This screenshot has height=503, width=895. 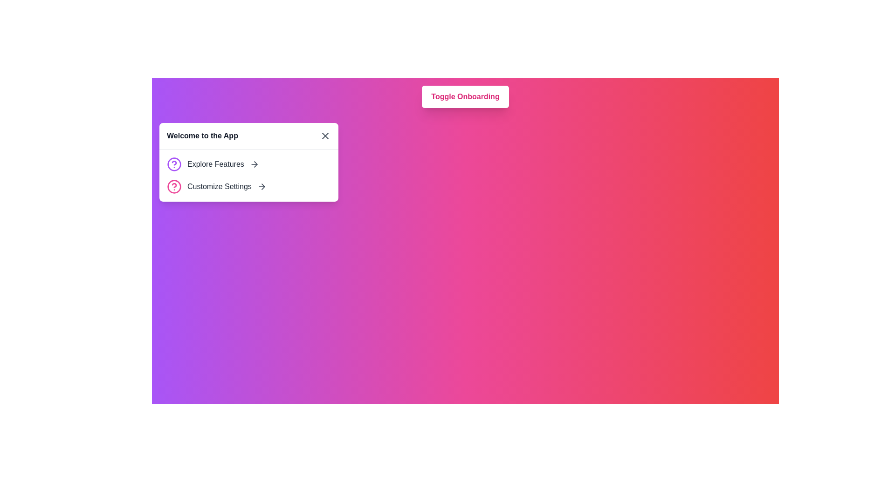 What do you see at coordinates (325, 136) in the screenshot?
I see `the cross ('X') icon button located at the top-right of the 'Welcome to the App' card` at bounding box center [325, 136].